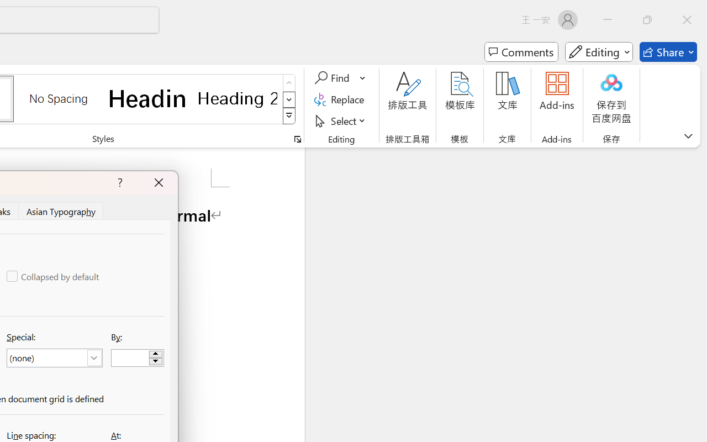 The width and height of the screenshot is (707, 442). I want to click on 'Styles', so click(289, 116).